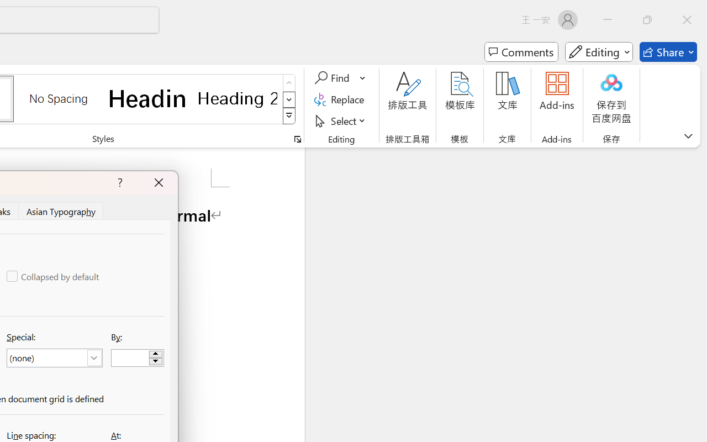 The width and height of the screenshot is (707, 442). I want to click on 'Styles', so click(289, 116).